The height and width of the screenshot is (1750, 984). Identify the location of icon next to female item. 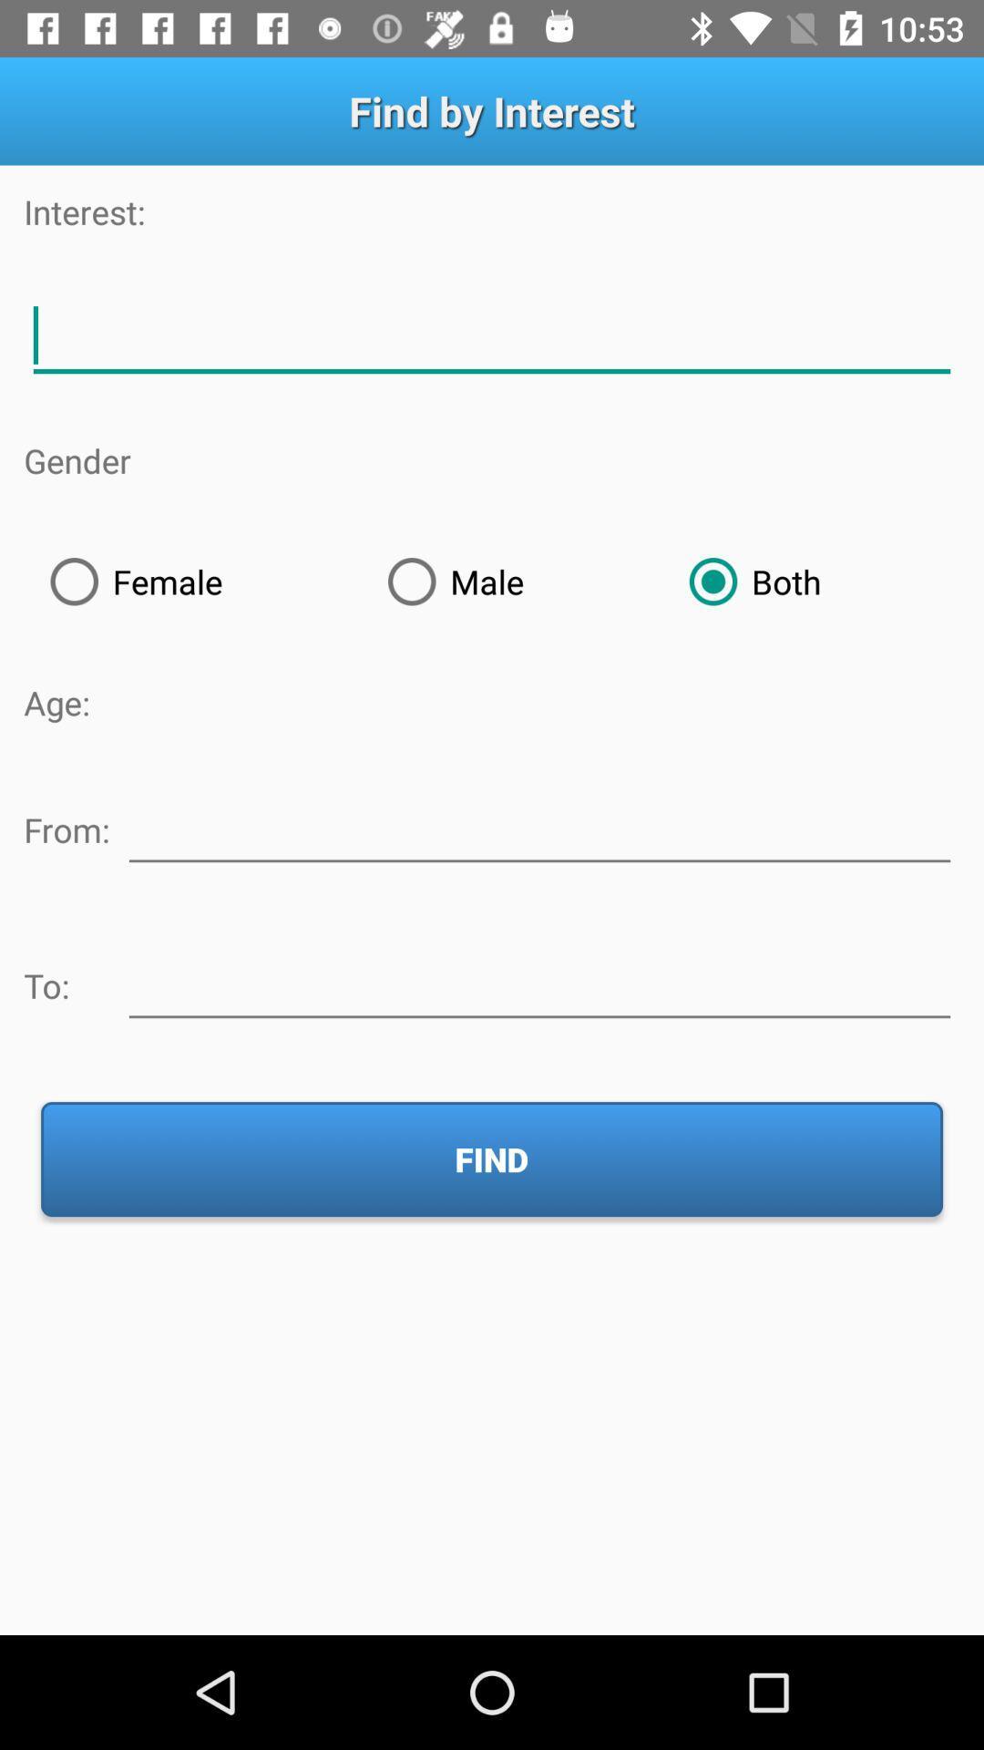
(512, 581).